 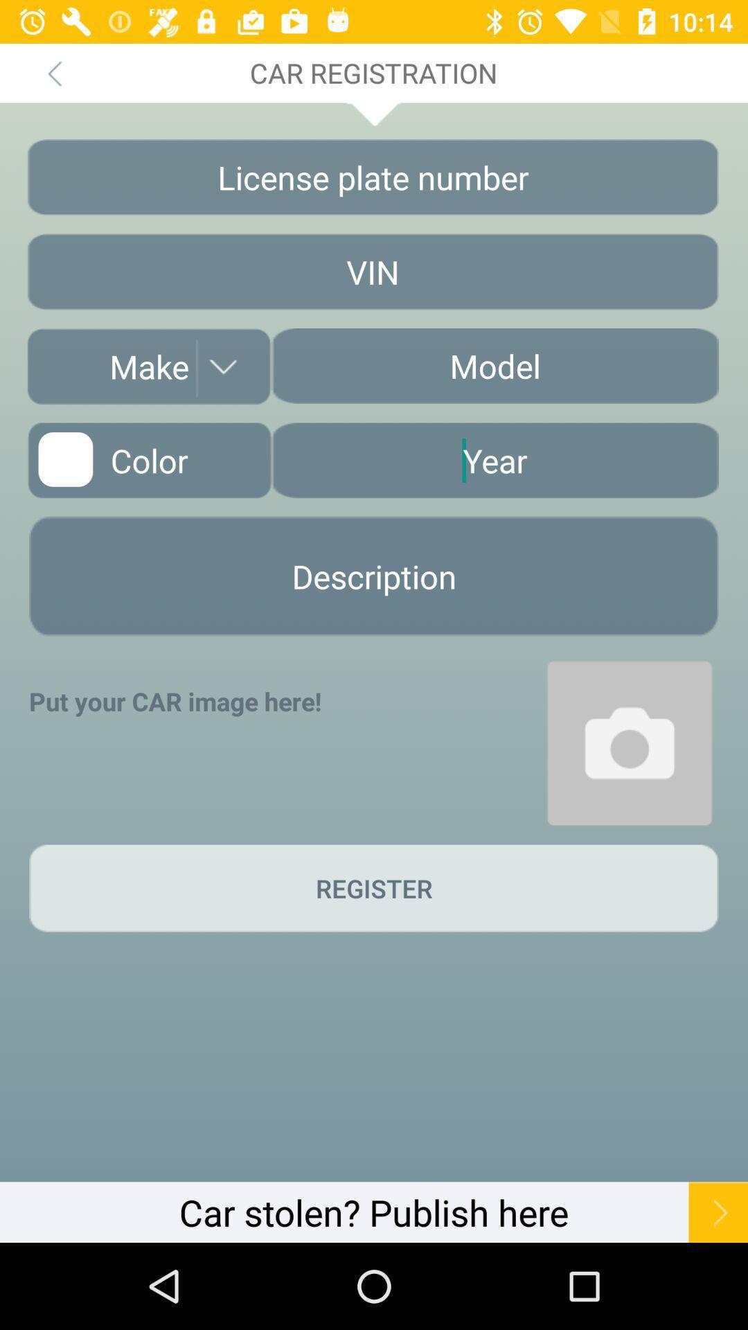 What do you see at coordinates (149, 366) in the screenshot?
I see `open car make menu` at bounding box center [149, 366].